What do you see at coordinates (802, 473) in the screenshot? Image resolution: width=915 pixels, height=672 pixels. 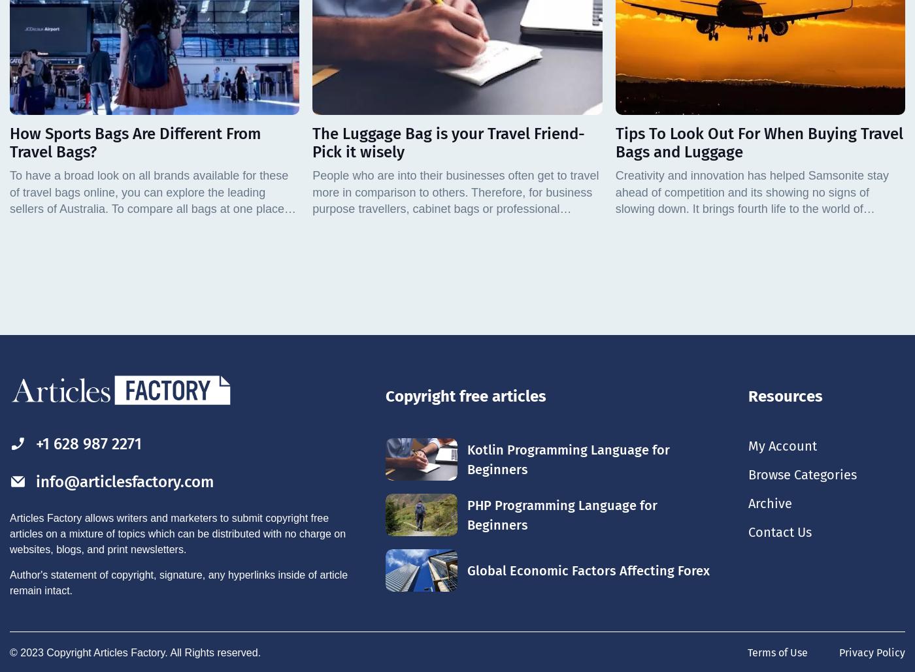 I see `'Browse Categories'` at bounding box center [802, 473].